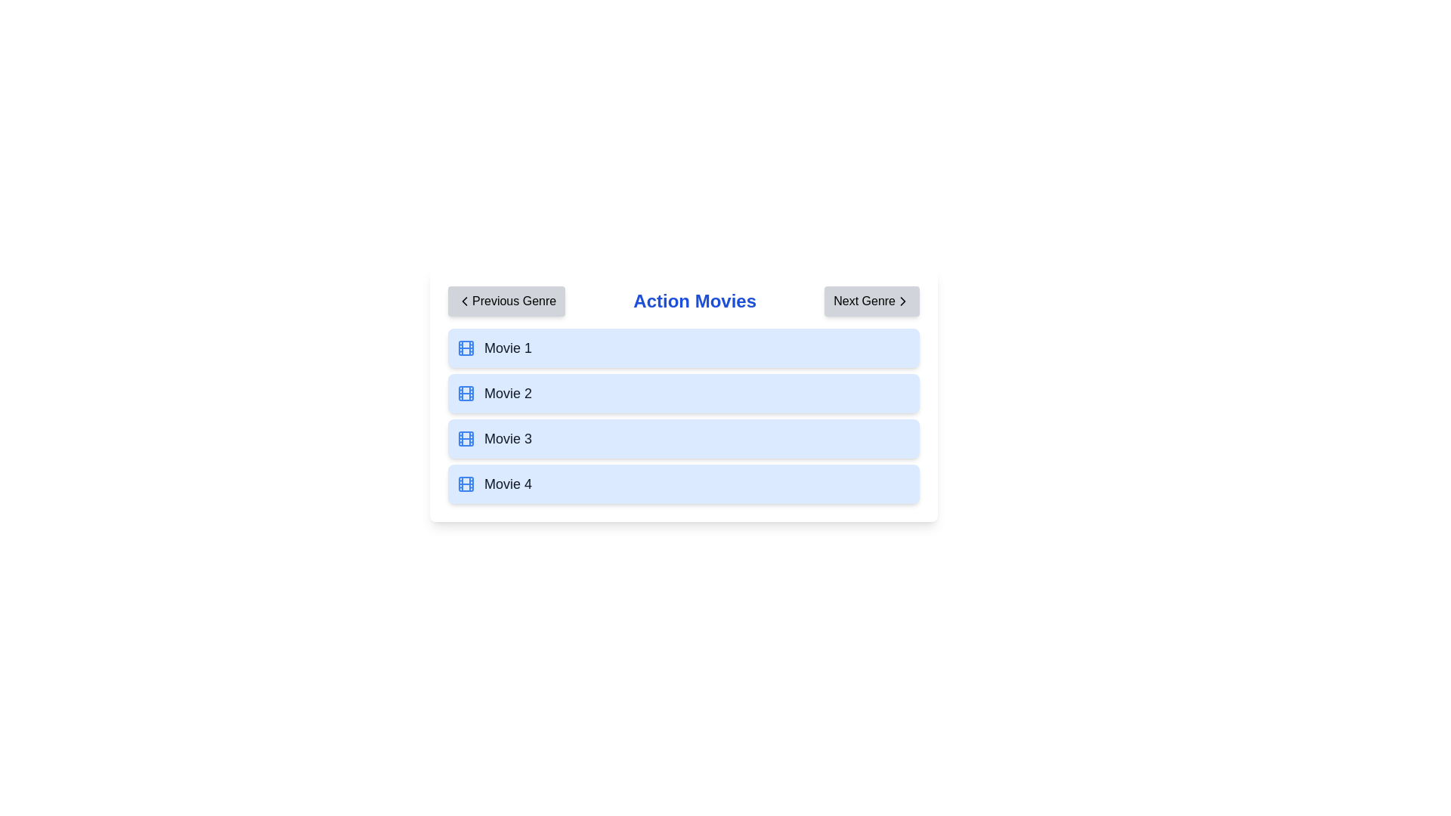 The image size is (1451, 816). What do you see at coordinates (466, 348) in the screenshot?
I see `the blue film reel icon located to the left of the 'Movie 1' label` at bounding box center [466, 348].